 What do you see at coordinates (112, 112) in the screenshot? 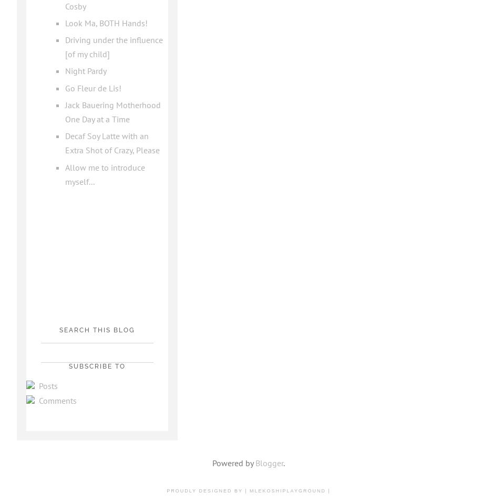
I see `'Jack Bauering Motherhood One Day at a Time'` at bounding box center [112, 112].